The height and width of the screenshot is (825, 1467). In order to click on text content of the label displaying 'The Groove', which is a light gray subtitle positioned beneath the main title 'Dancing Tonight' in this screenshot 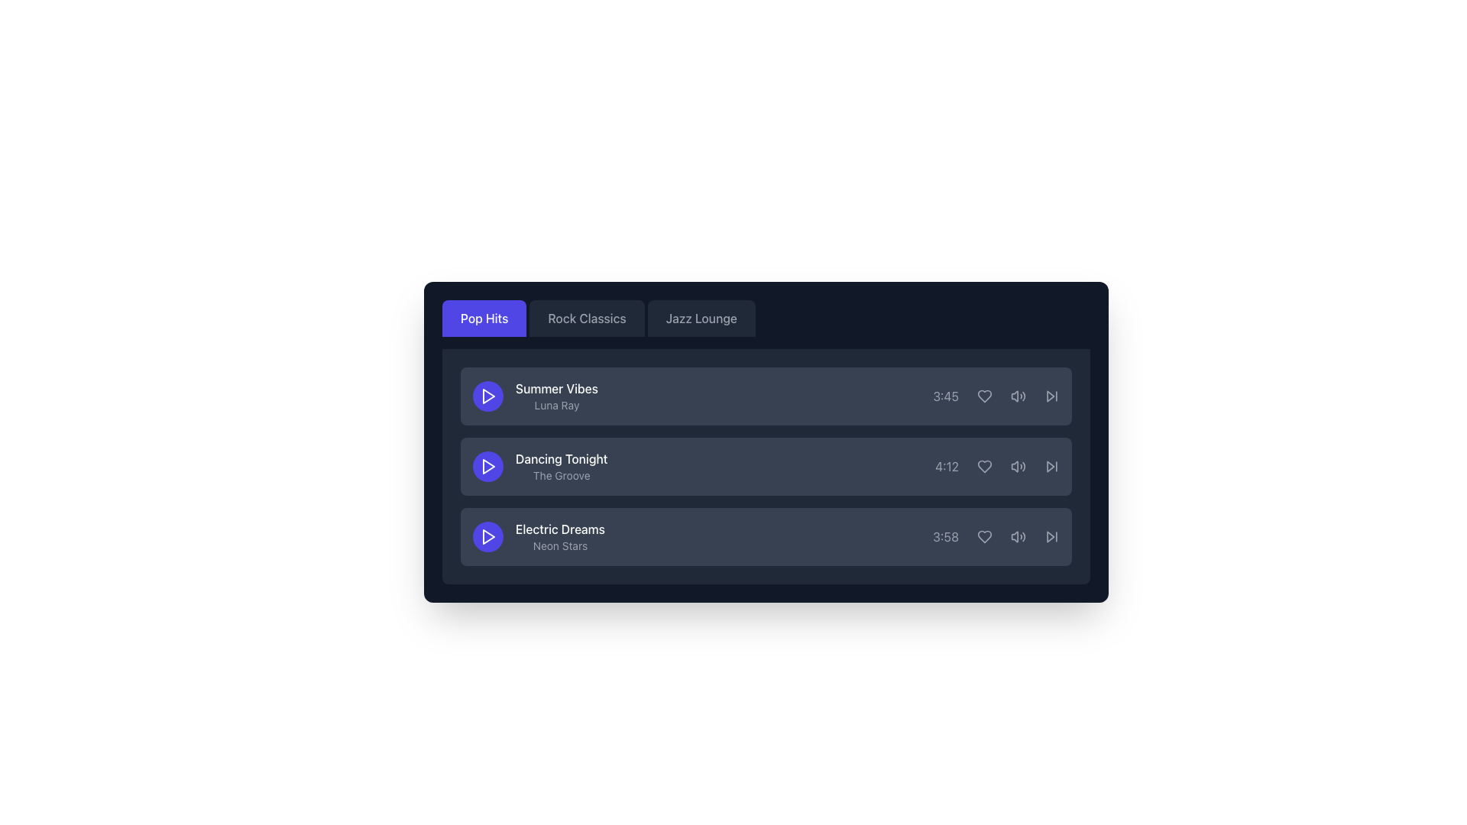, I will do `click(561, 475)`.